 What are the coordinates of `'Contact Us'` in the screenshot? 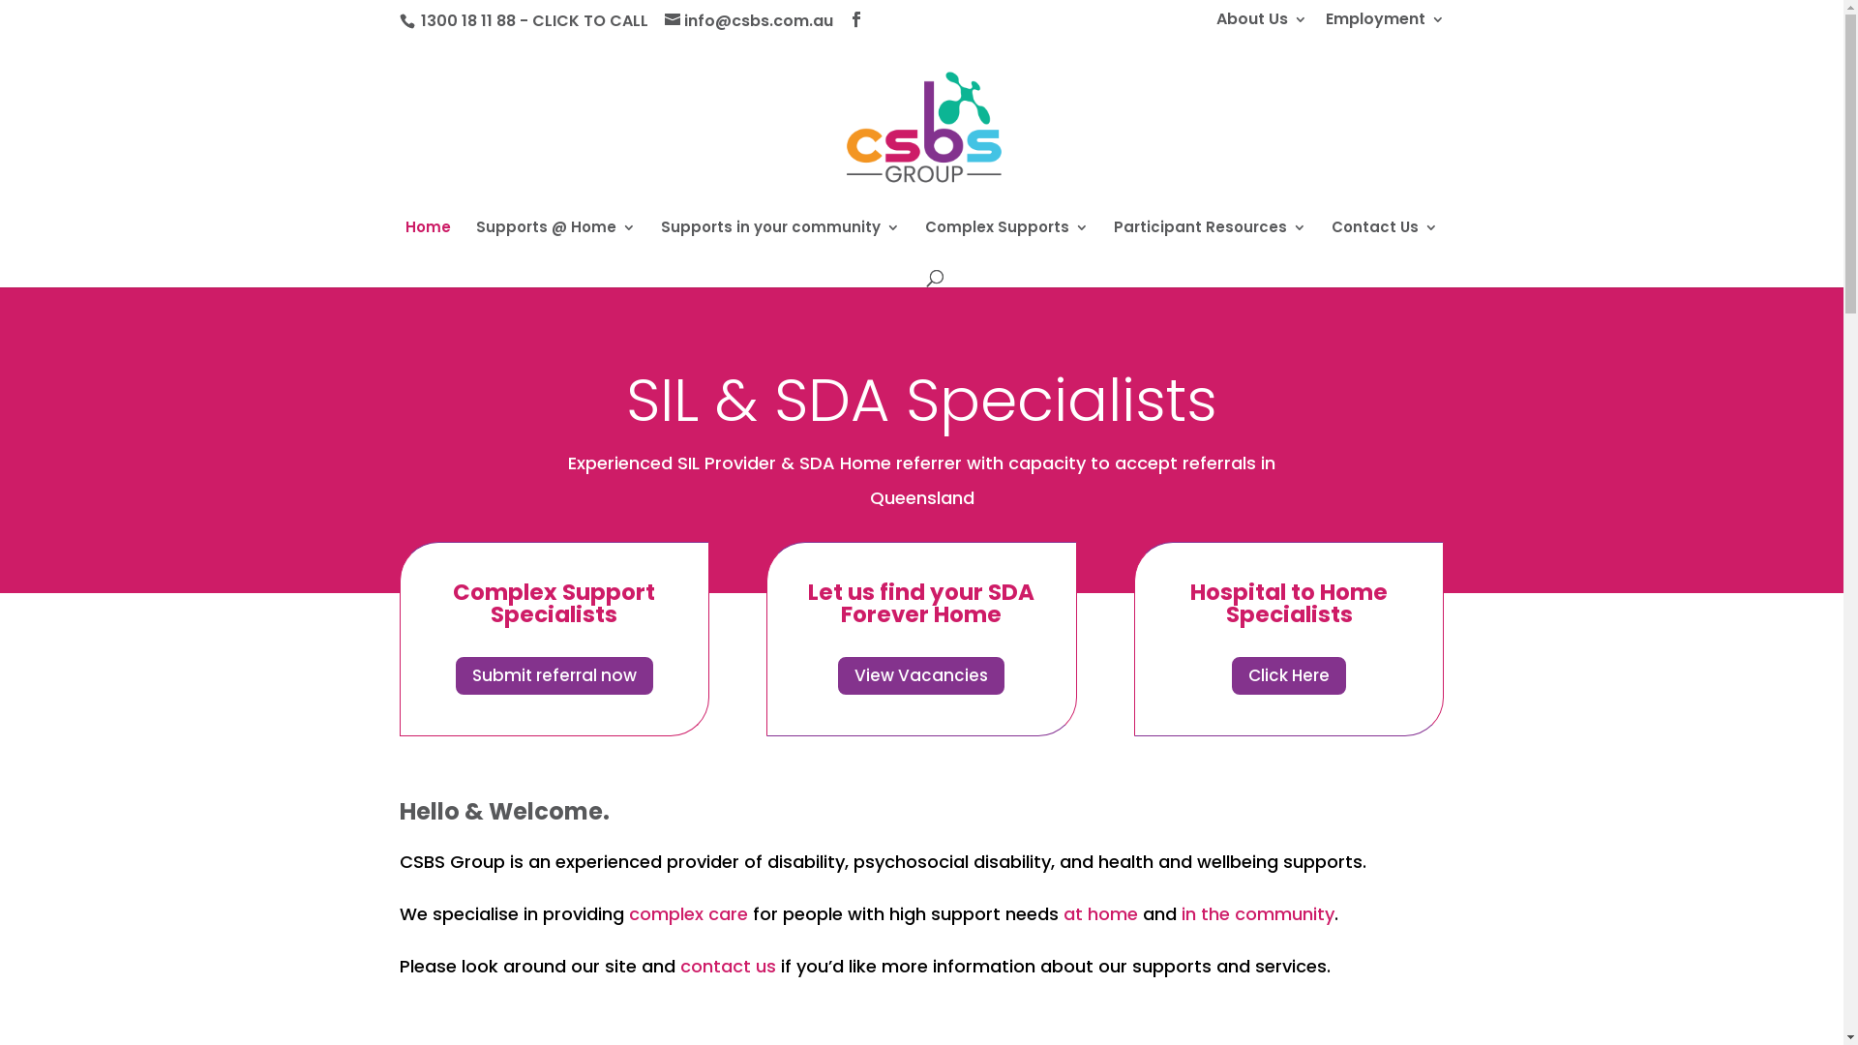 It's located at (1383, 241).